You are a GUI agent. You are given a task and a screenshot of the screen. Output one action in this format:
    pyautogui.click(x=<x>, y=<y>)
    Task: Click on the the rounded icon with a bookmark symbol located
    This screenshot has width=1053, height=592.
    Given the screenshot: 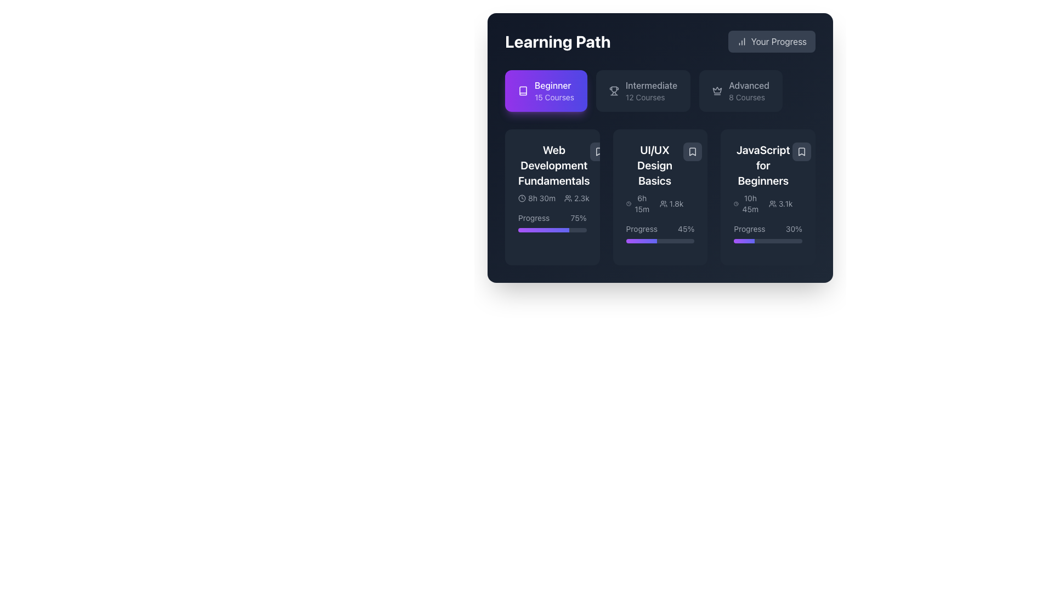 What is the action you would take?
    pyautogui.click(x=692, y=152)
    